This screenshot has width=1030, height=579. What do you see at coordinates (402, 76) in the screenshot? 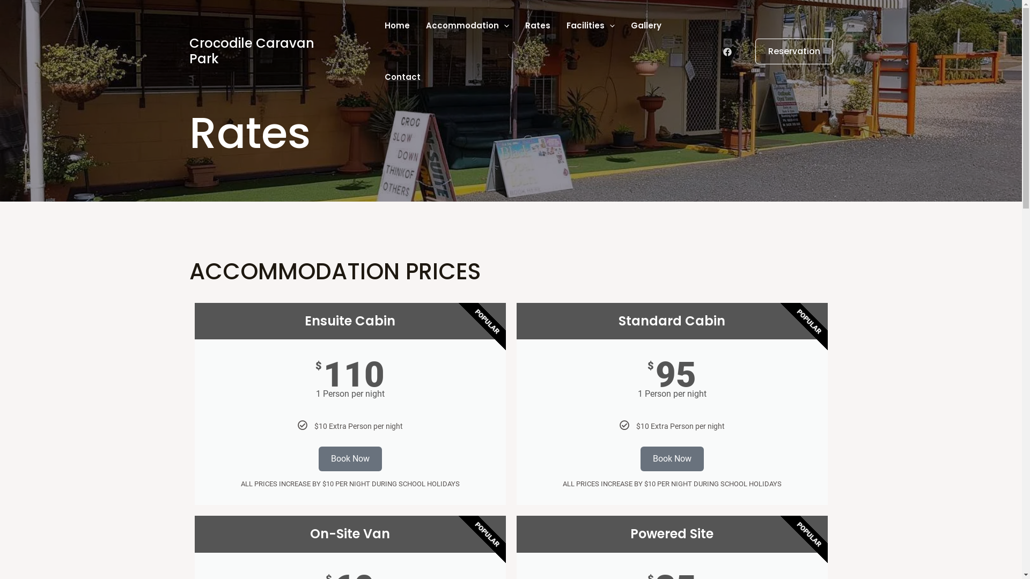
I see `'Contact'` at bounding box center [402, 76].